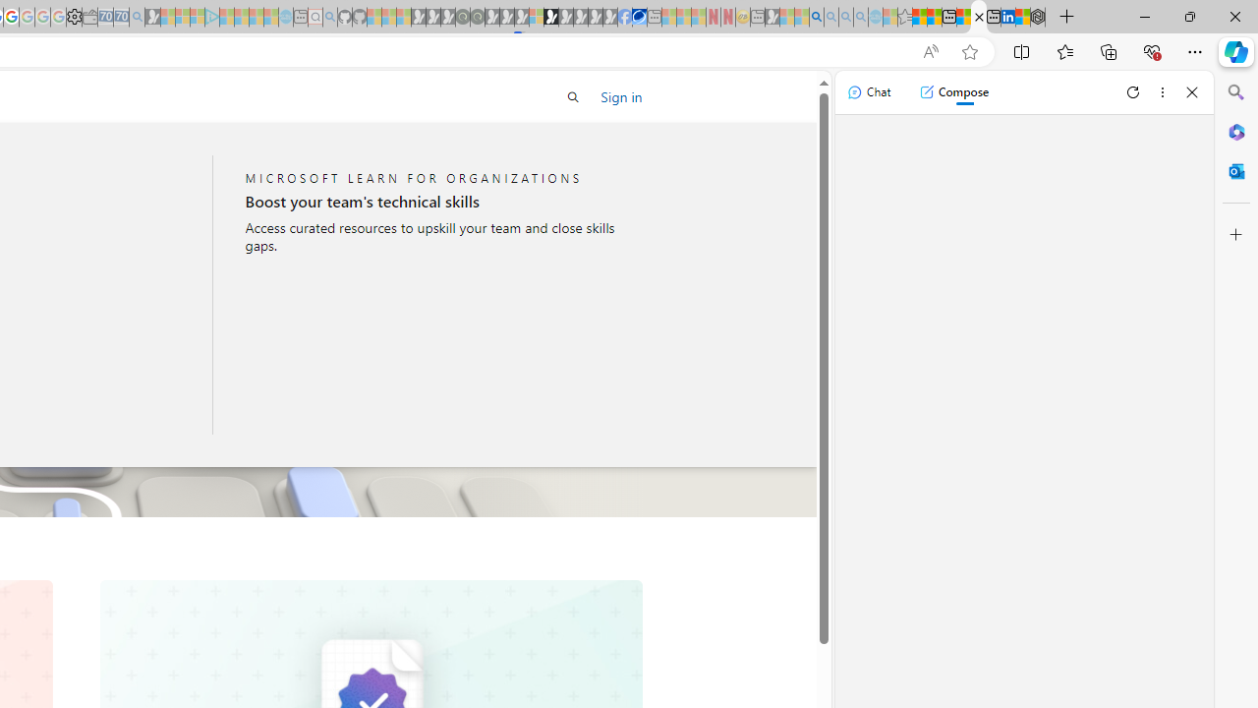  I want to click on 'Microsoft Learn: Build skills that open doors in your career', so click(979, 17).